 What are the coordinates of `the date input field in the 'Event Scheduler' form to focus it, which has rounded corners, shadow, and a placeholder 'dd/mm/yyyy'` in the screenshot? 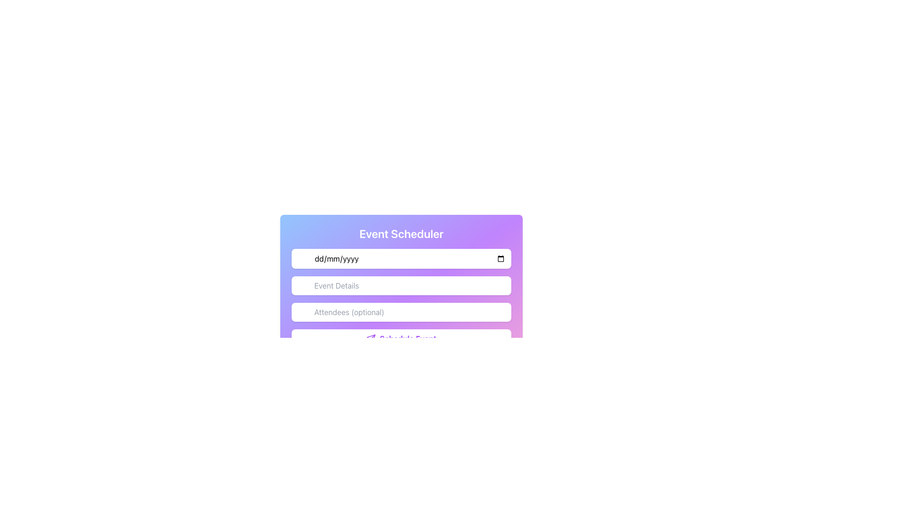 It's located at (401, 259).